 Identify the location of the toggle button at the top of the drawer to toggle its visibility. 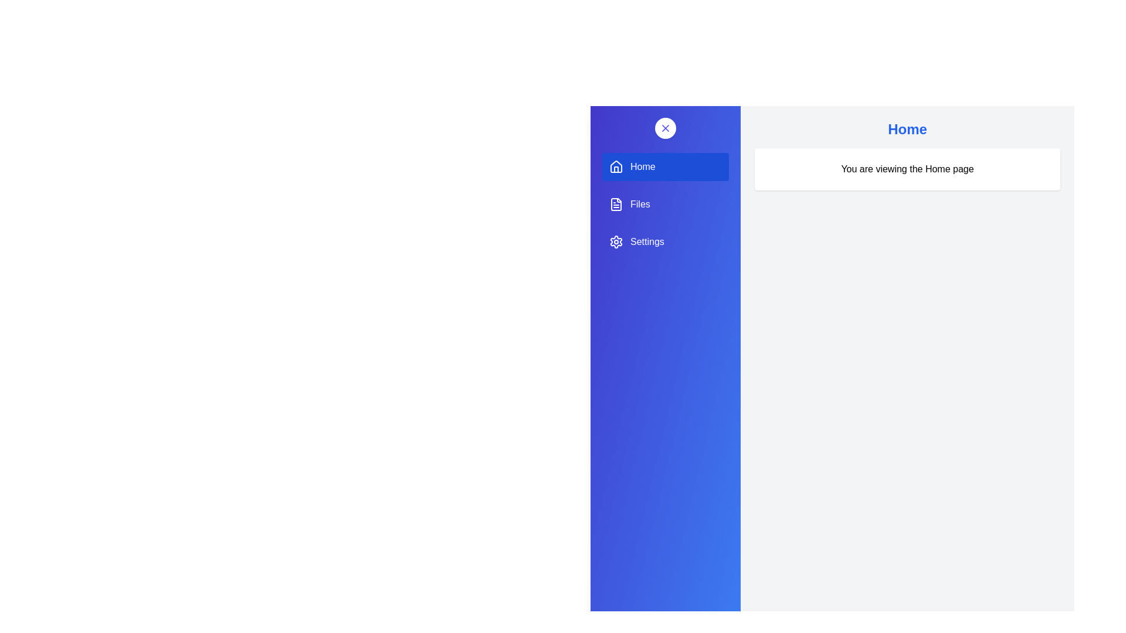
(665, 128).